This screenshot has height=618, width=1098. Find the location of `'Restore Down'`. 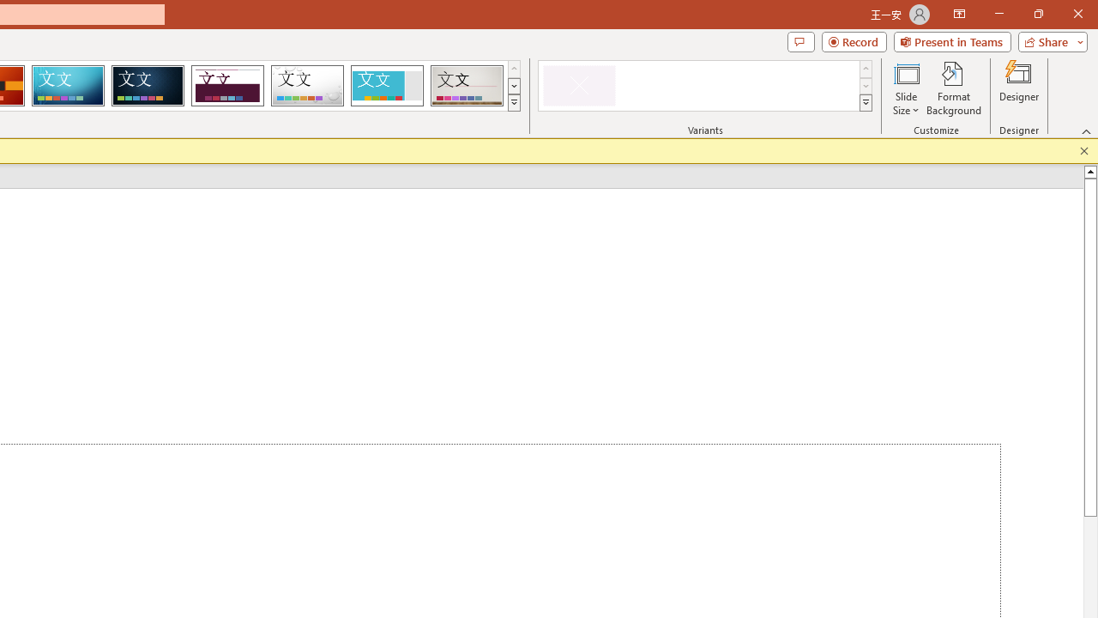

'Restore Down' is located at coordinates (1037, 14).